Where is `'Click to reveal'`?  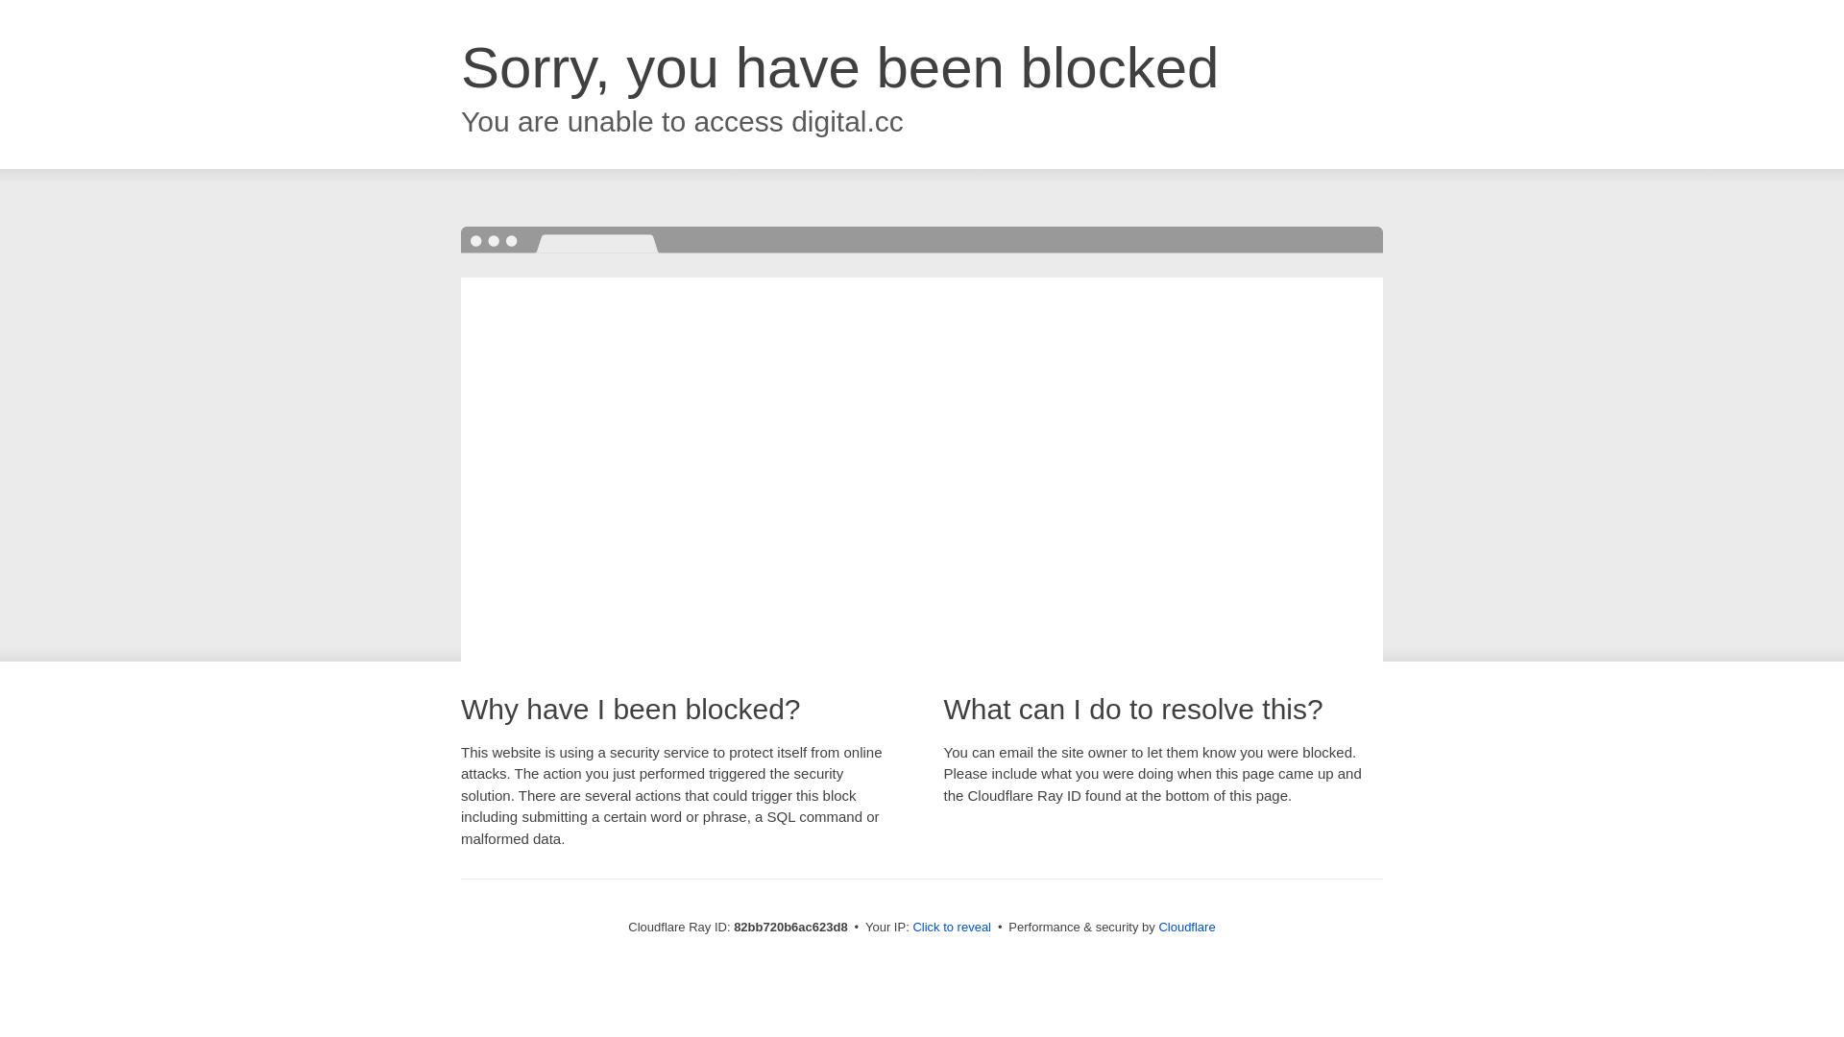
'Click to reveal' is located at coordinates (911, 926).